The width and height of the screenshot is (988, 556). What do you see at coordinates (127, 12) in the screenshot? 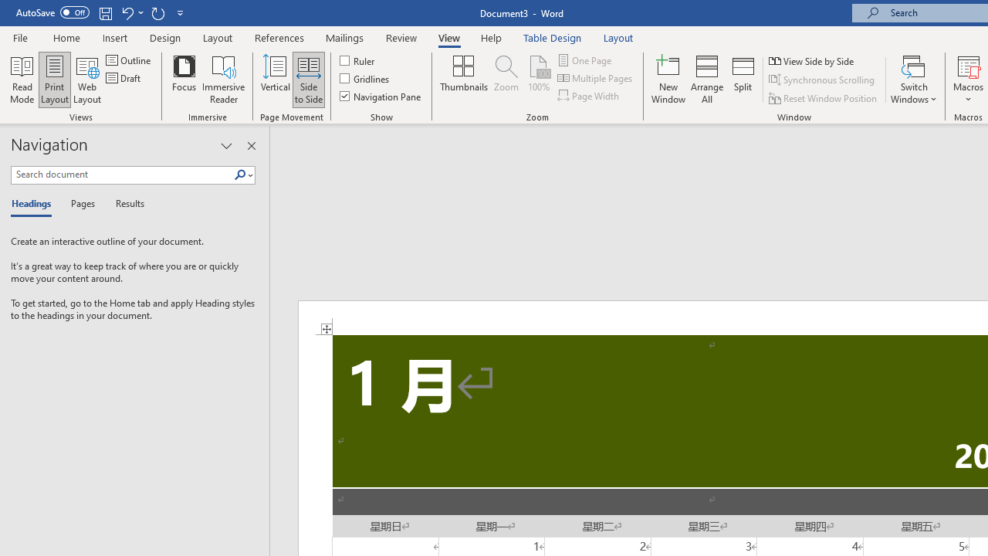
I see `'Undo Increase Indent'` at bounding box center [127, 12].